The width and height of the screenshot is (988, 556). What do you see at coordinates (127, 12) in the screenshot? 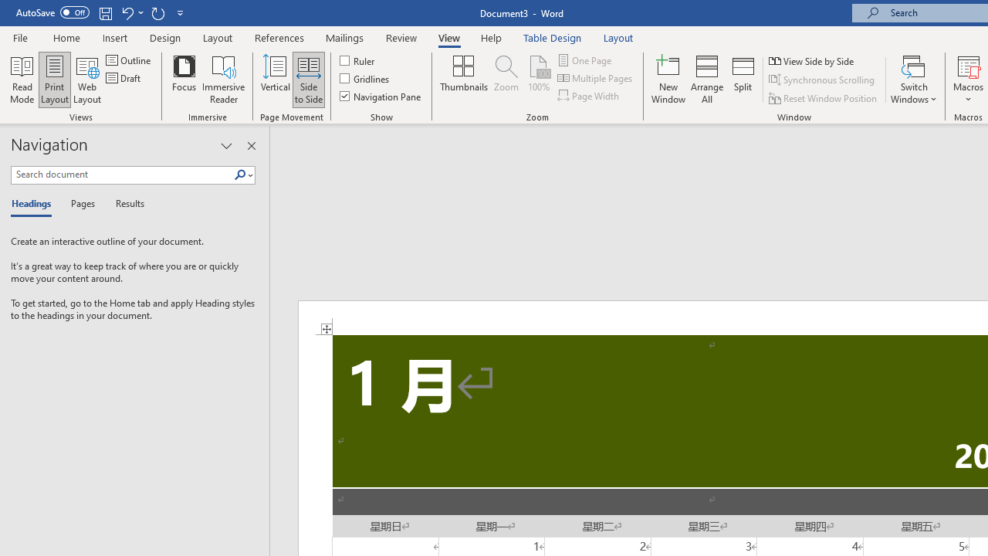
I see `'Undo Increase Indent'` at bounding box center [127, 12].